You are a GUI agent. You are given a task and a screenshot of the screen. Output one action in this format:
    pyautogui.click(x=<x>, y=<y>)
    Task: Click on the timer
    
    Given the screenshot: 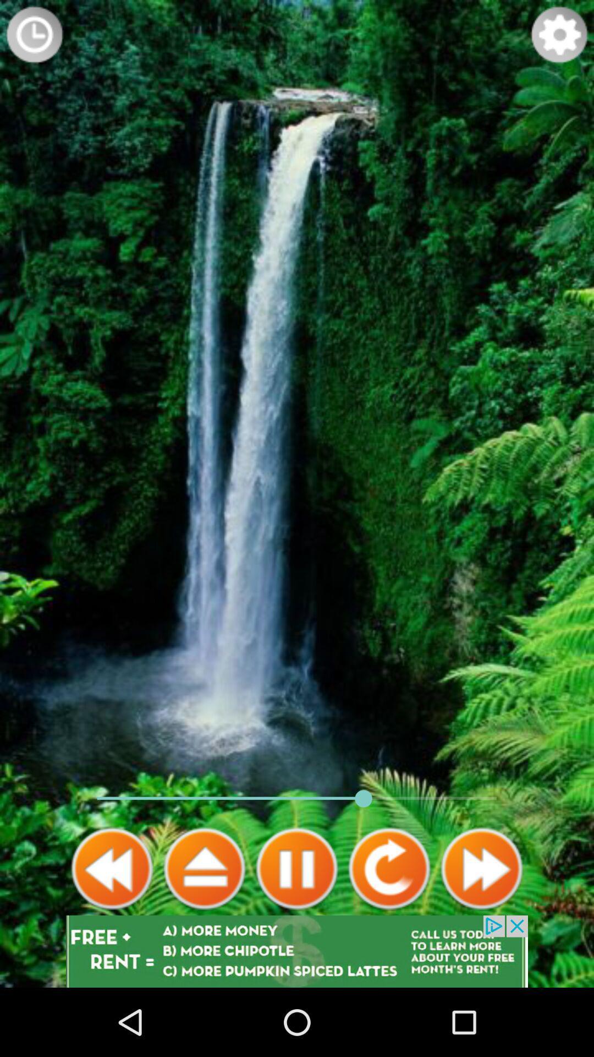 What is the action you would take?
    pyautogui.click(x=34, y=34)
    